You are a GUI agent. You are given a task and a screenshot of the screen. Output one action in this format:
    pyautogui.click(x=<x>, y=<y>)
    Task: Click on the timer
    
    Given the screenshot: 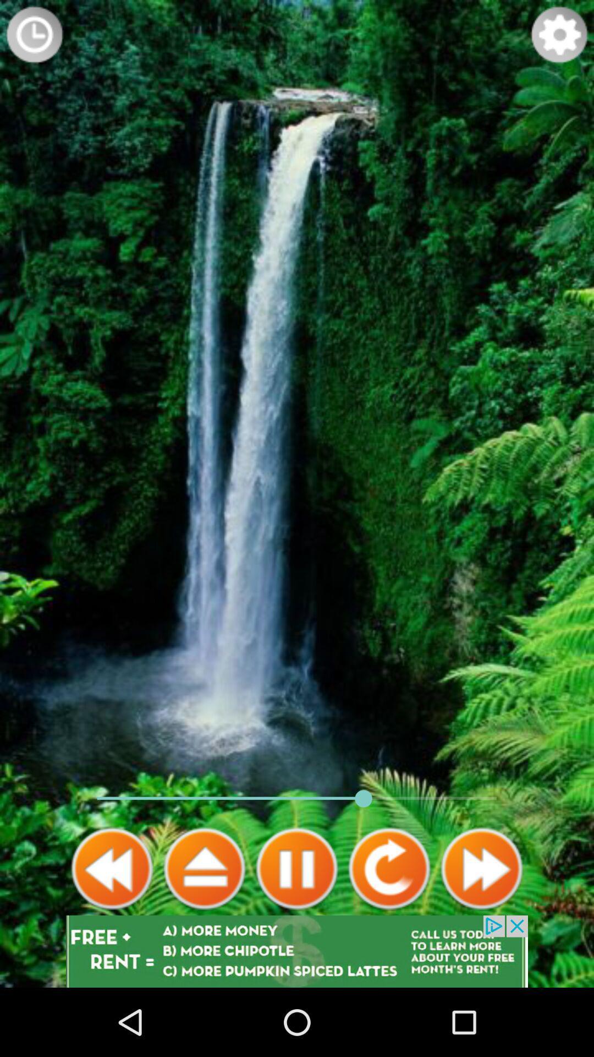 What is the action you would take?
    pyautogui.click(x=34, y=34)
    